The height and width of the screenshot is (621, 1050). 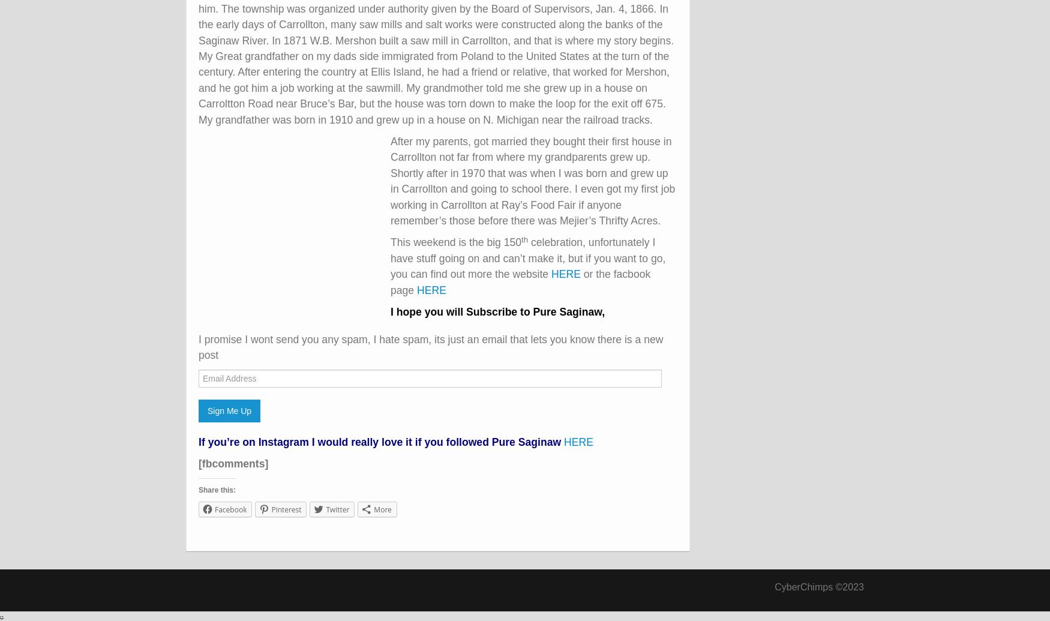 I want to click on 'Facebook', so click(x=230, y=508).